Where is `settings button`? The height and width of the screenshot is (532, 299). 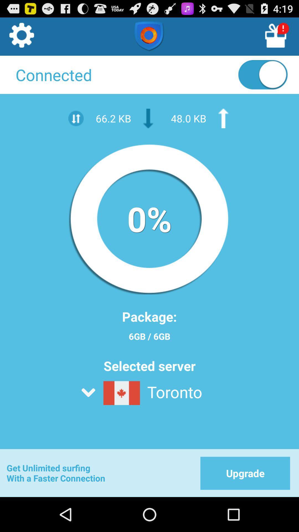
settings button is located at coordinates (21, 37).